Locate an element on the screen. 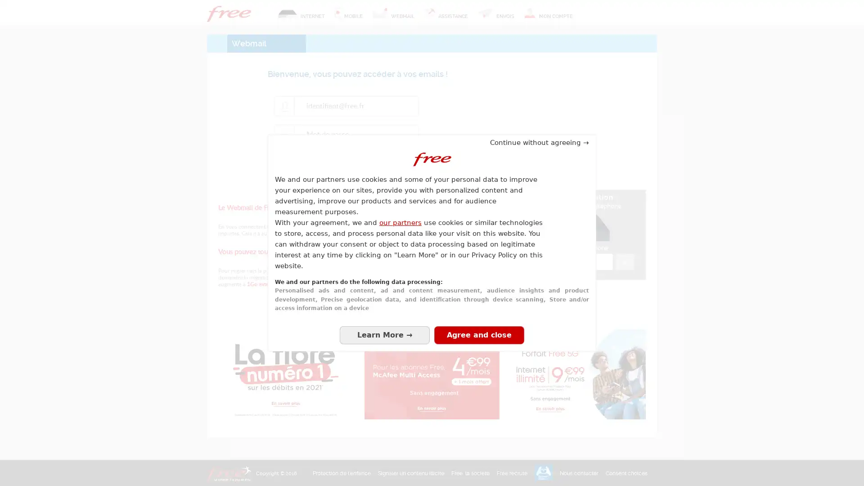 The width and height of the screenshot is (864, 486). Tester votre ligne is located at coordinates (624, 262).